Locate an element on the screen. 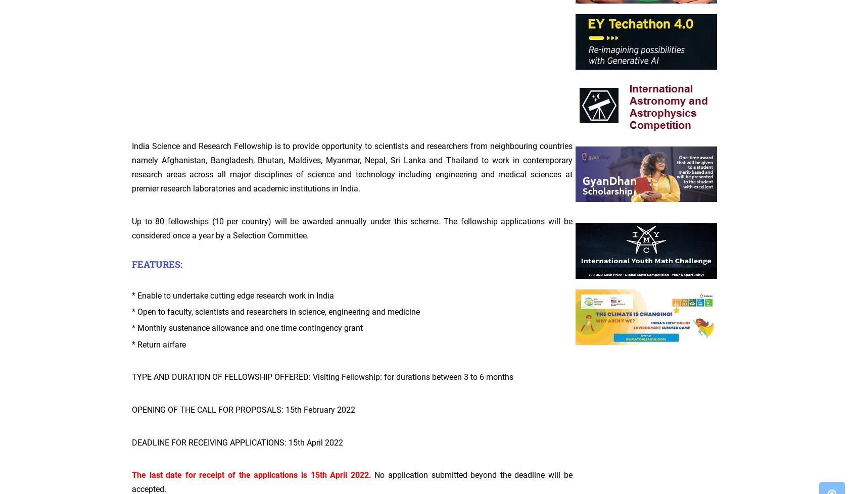 The height and width of the screenshot is (494, 855). '* Monthly sustenance allowance and one time contingency grant' is located at coordinates (247, 328).